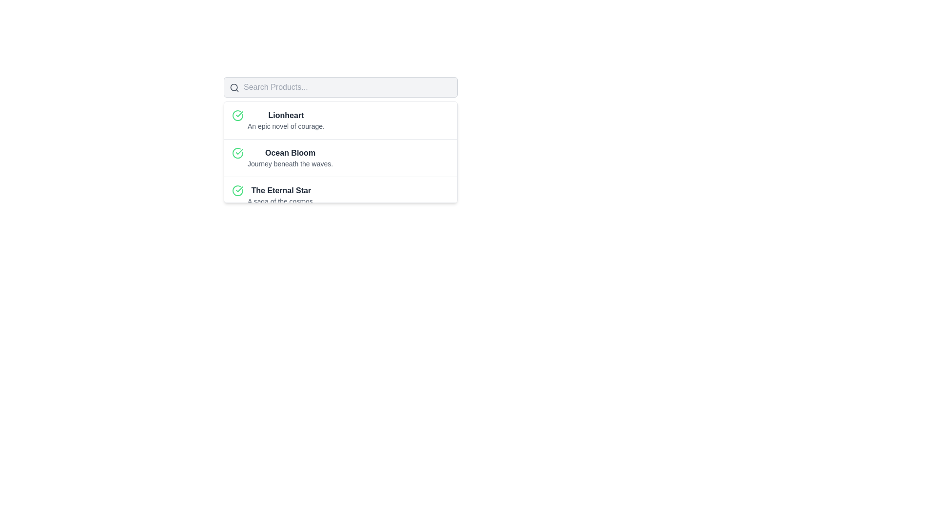  What do you see at coordinates (290, 153) in the screenshot?
I see `text displayed as the title 'Ocean Bloom' in the second list item of the vertical list` at bounding box center [290, 153].